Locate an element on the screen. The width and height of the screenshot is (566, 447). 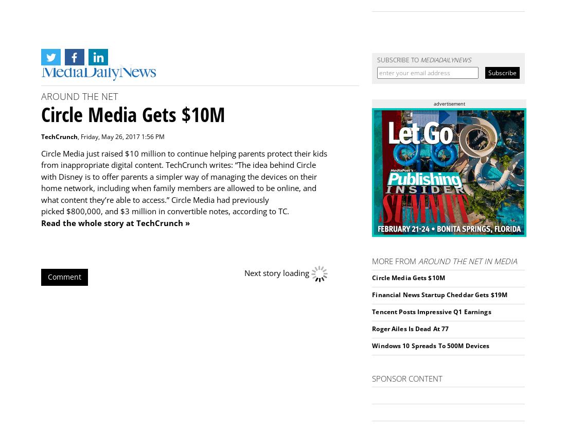
'Comment' is located at coordinates (64, 277).